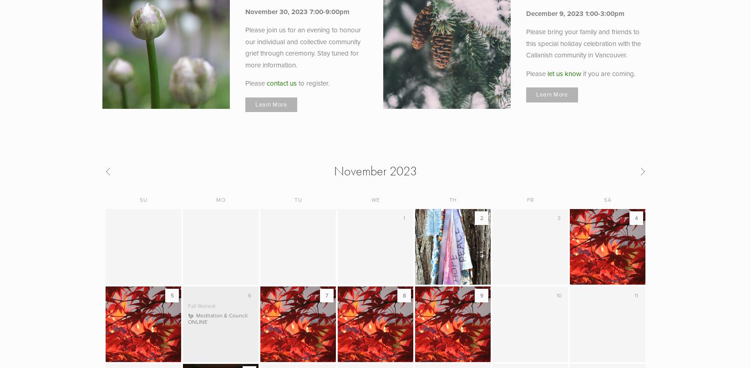 This screenshot has height=368, width=751. Describe the element at coordinates (530, 199) in the screenshot. I see `'Fr'` at that location.